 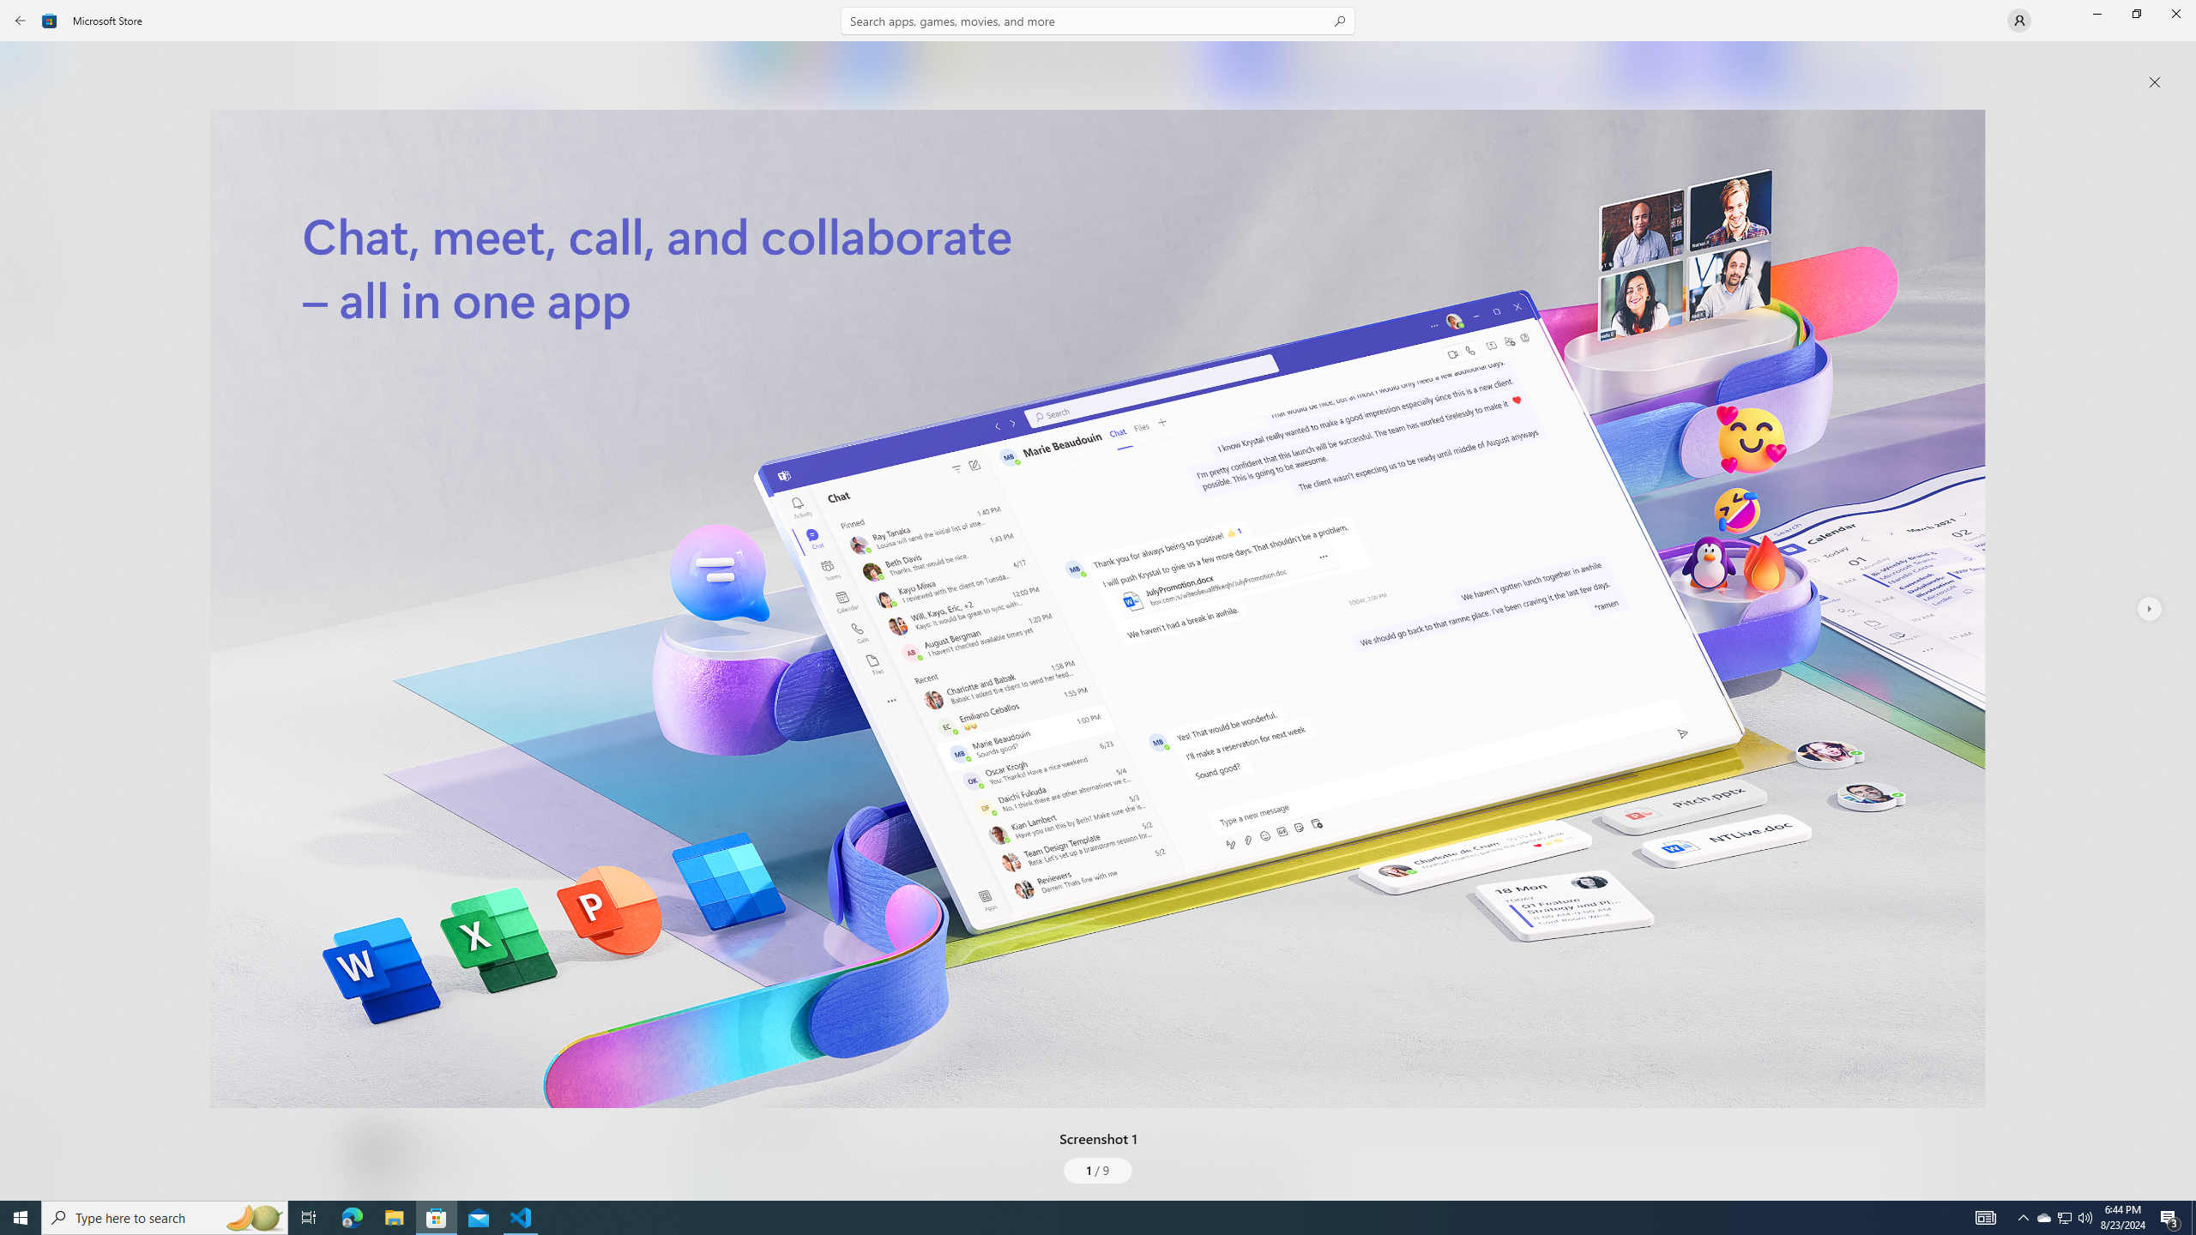 I want to click on 'Next', so click(x=2147, y=607).